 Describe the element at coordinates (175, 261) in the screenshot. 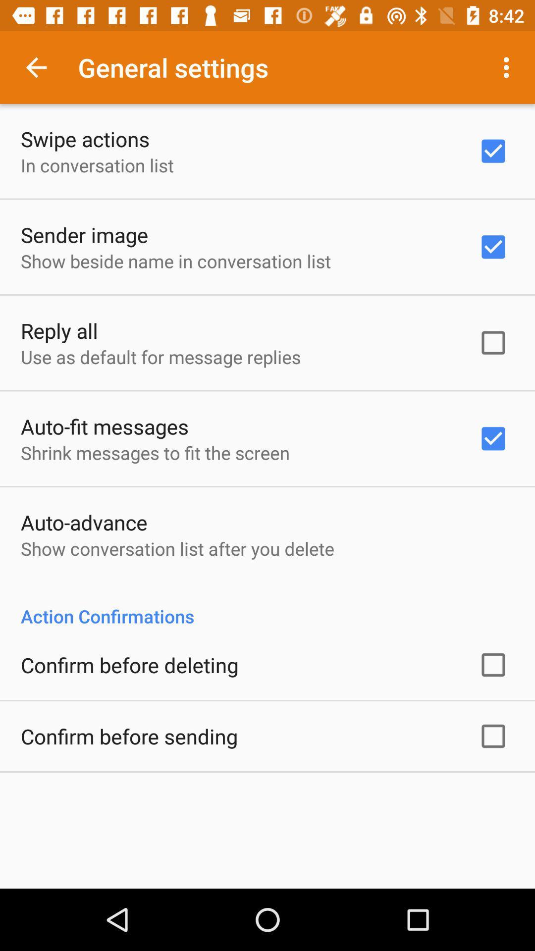

I see `the icon above the reply all icon` at that location.